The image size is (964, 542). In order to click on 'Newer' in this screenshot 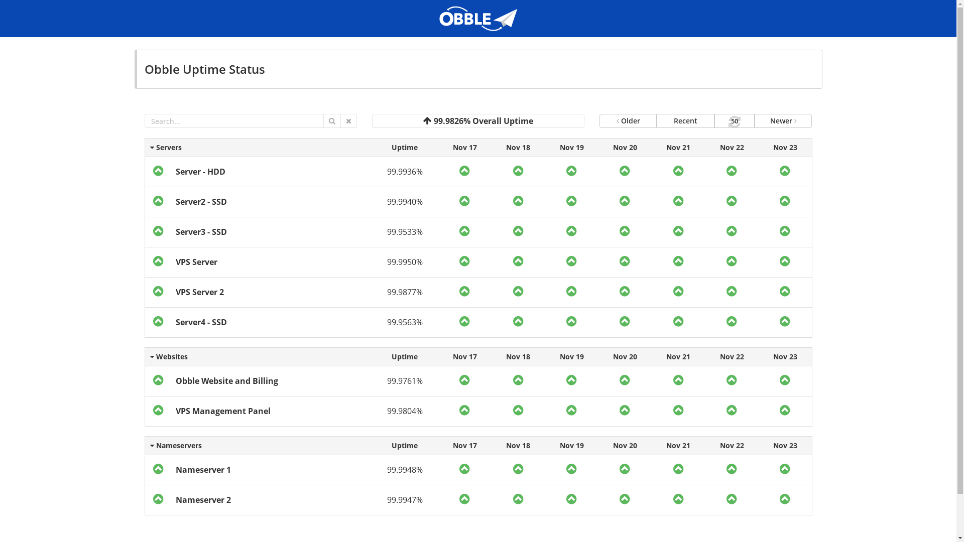, I will do `click(783, 120)`.